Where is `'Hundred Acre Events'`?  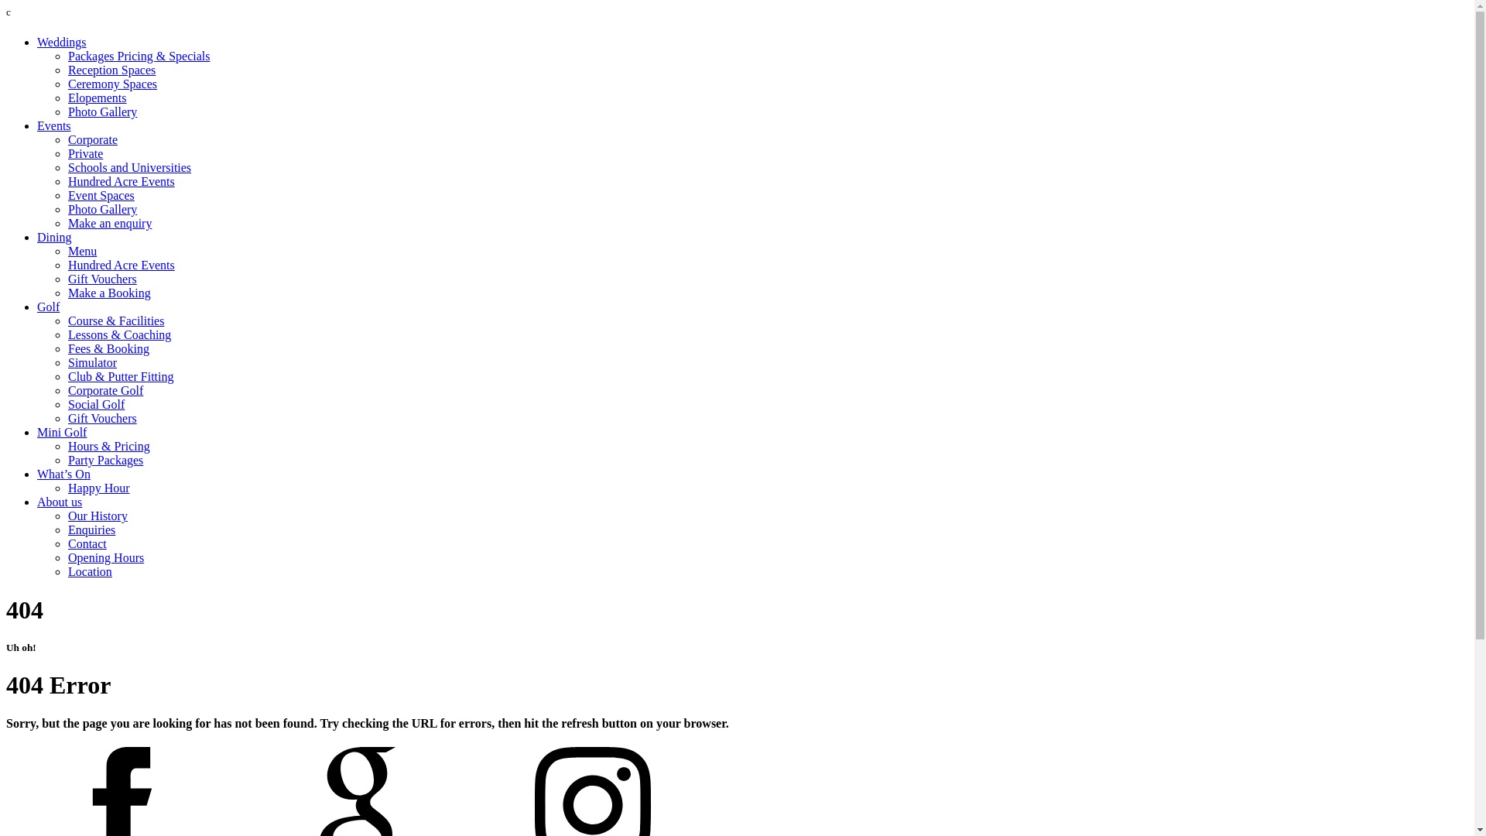
'Hundred Acre Events' is located at coordinates (121, 264).